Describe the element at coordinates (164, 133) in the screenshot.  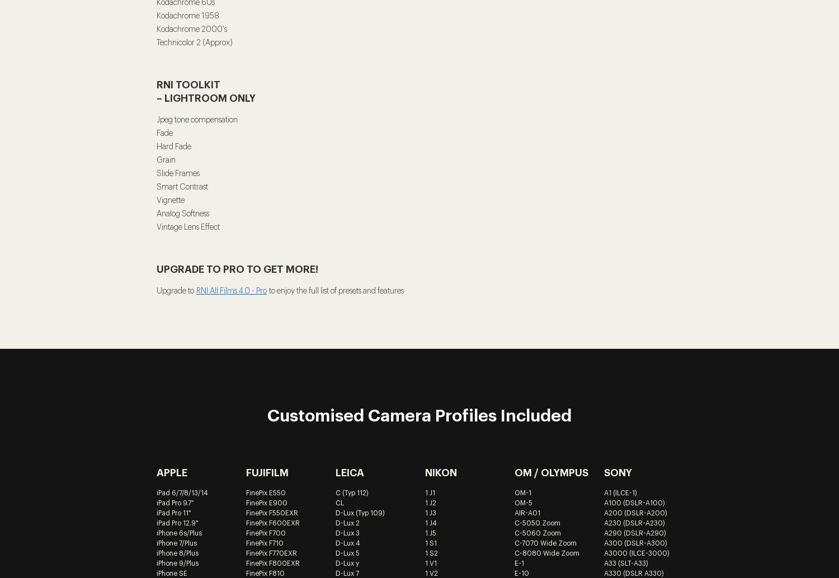
I see `'Fade'` at that location.